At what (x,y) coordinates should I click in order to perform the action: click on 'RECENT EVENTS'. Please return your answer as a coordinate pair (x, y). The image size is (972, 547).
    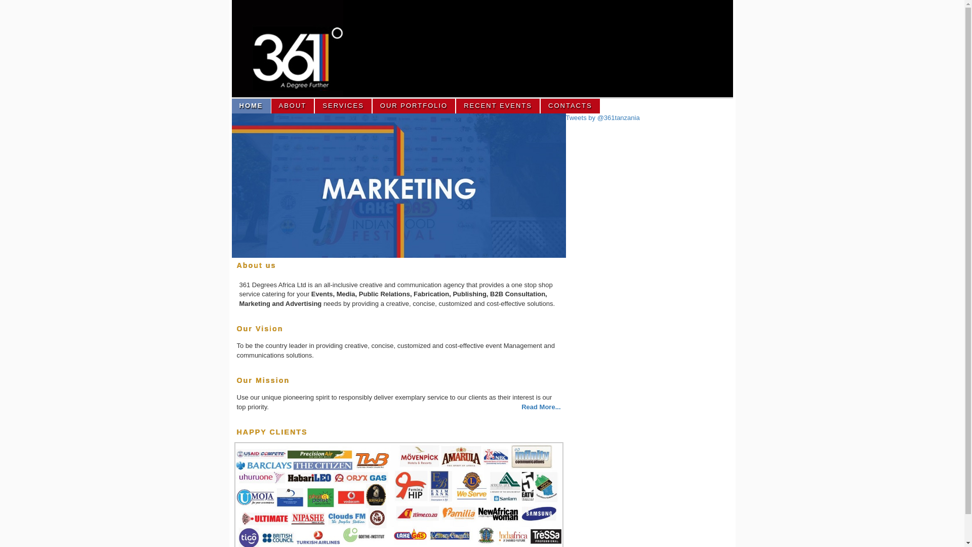
    Looking at the image, I should click on (498, 106).